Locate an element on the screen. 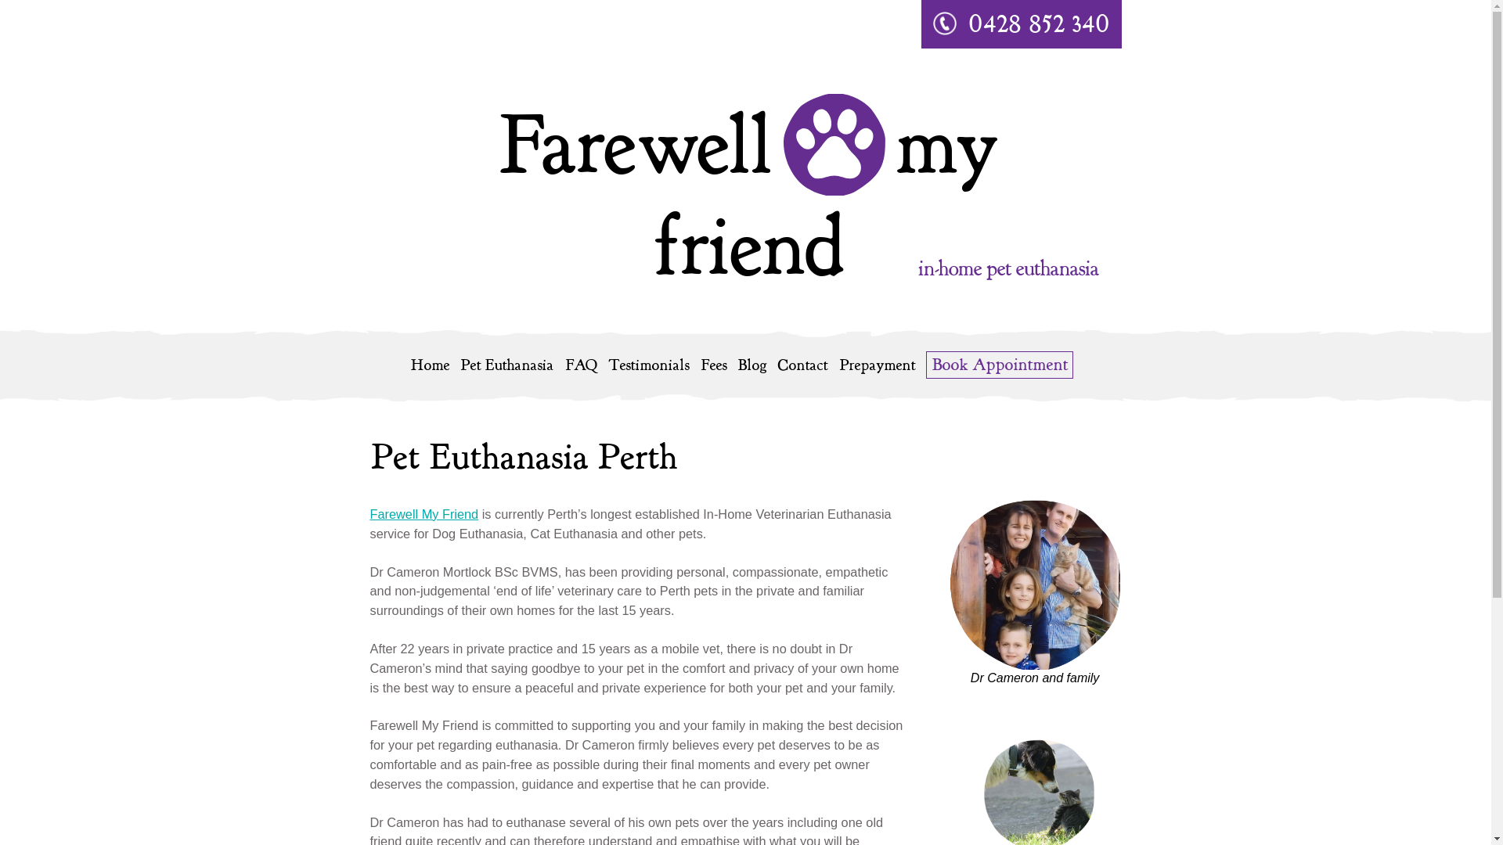 This screenshot has width=1503, height=845. 'Fees' is located at coordinates (712, 365).